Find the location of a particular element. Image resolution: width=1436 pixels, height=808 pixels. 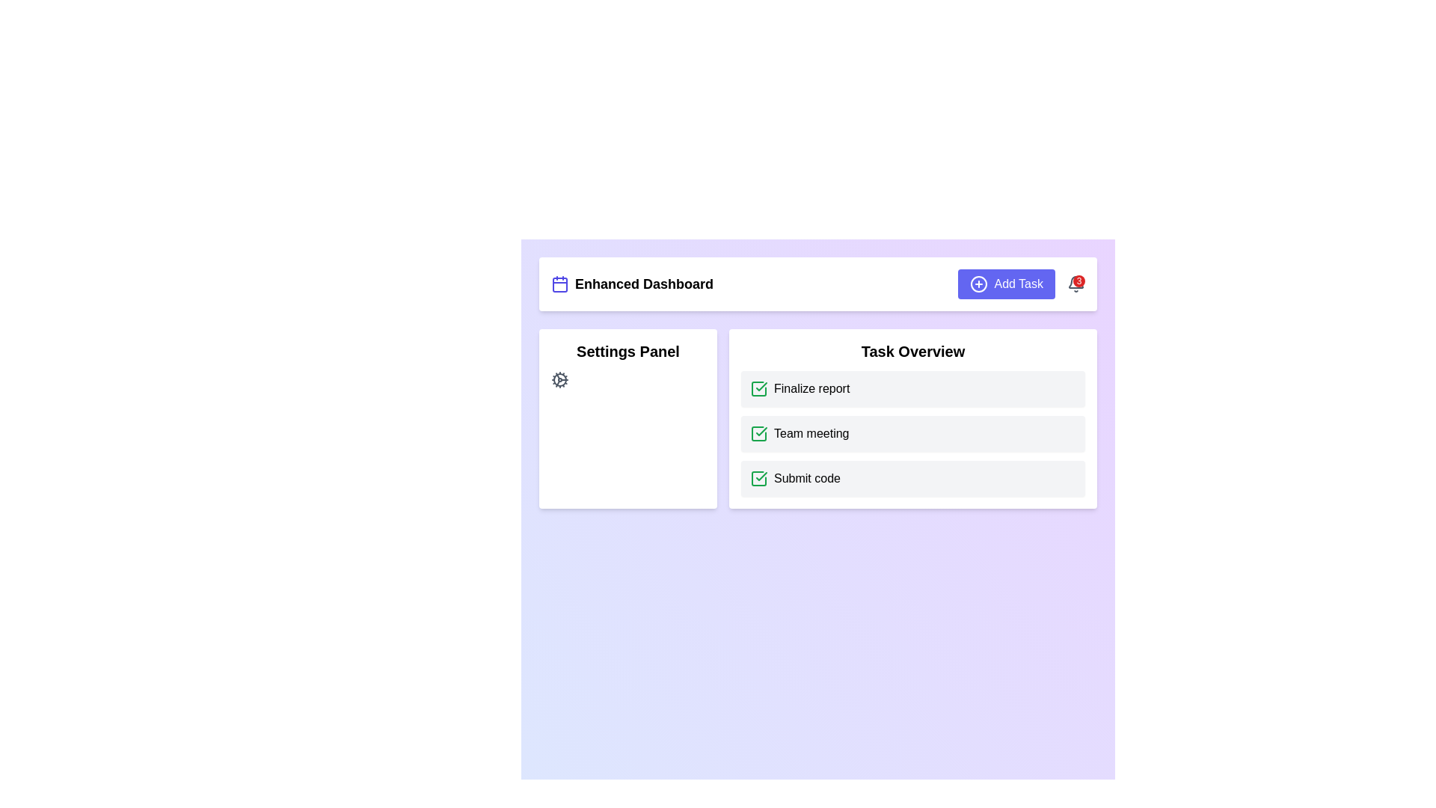

the button located in the top-right area of the header is located at coordinates (1021, 284).